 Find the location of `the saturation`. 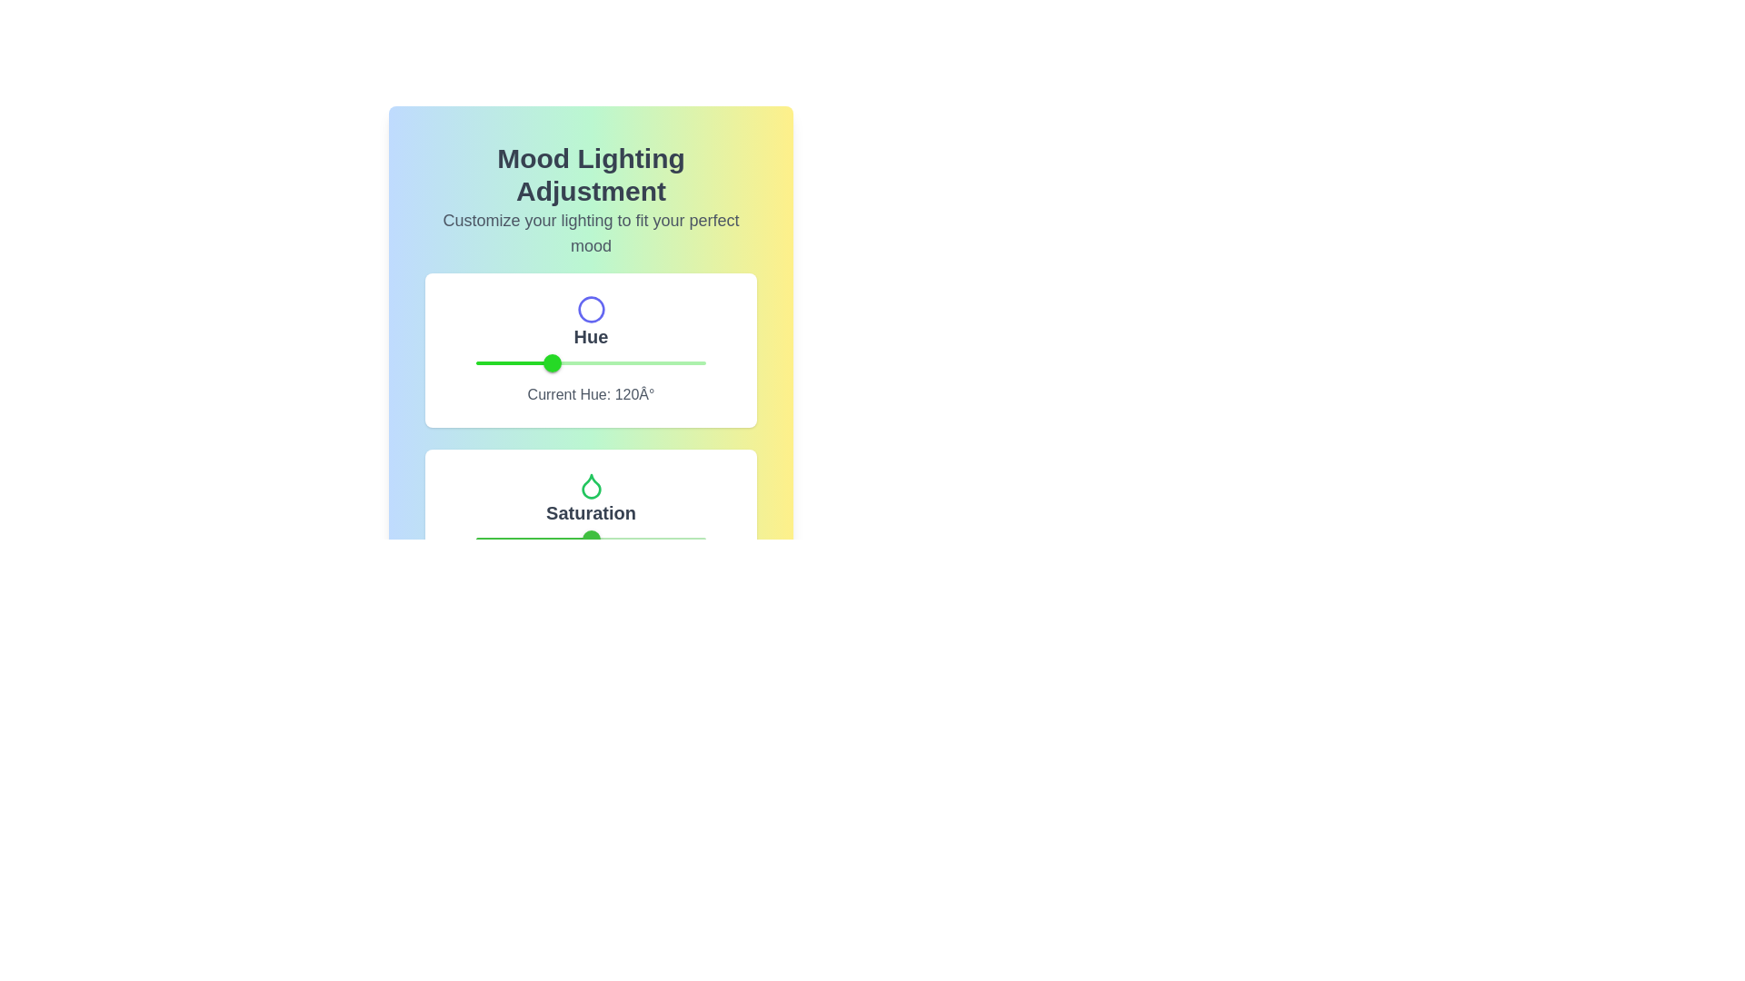

the saturation is located at coordinates (578, 539).